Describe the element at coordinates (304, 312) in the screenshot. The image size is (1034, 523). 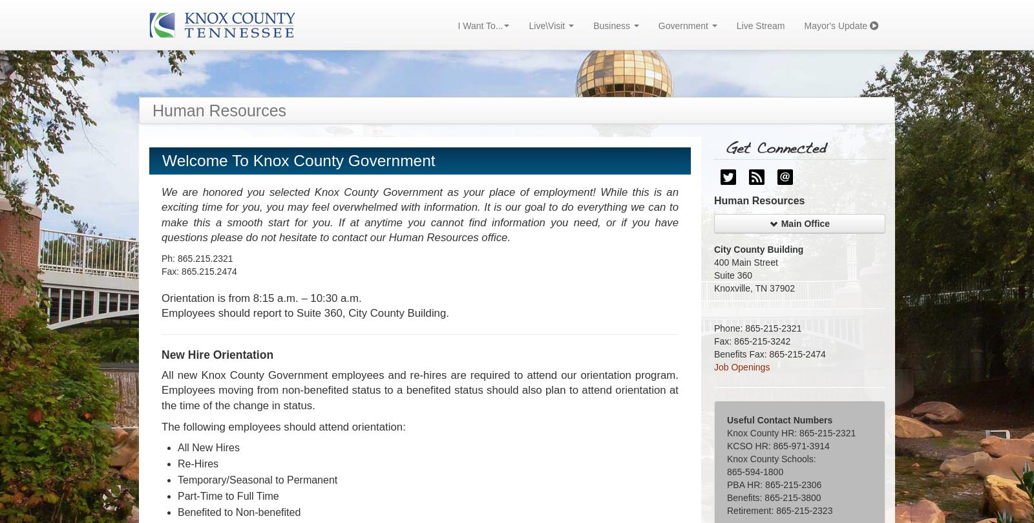
I see `'Employees should report to Suite 360, City County Building.'` at that location.